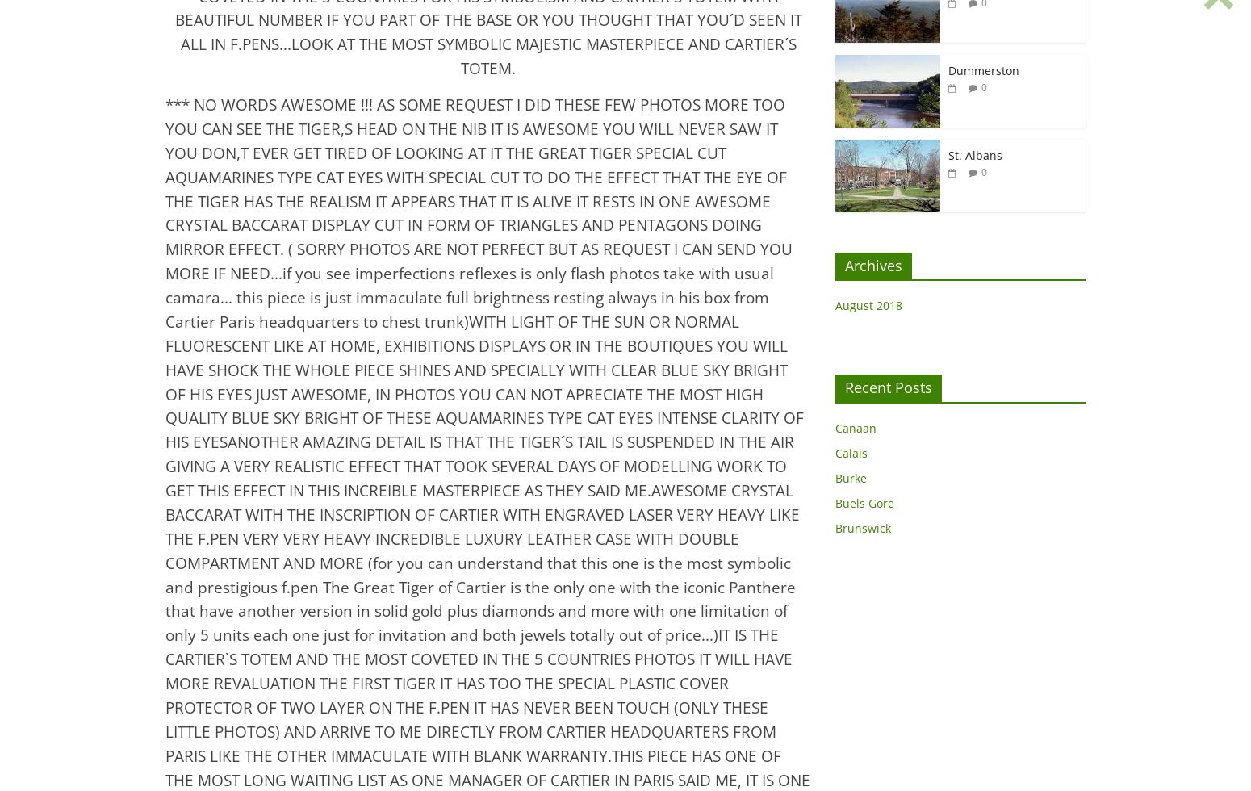  Describe the element at coordinates (835, 305) in the screenshot. I see `'August 2018'` at that location.